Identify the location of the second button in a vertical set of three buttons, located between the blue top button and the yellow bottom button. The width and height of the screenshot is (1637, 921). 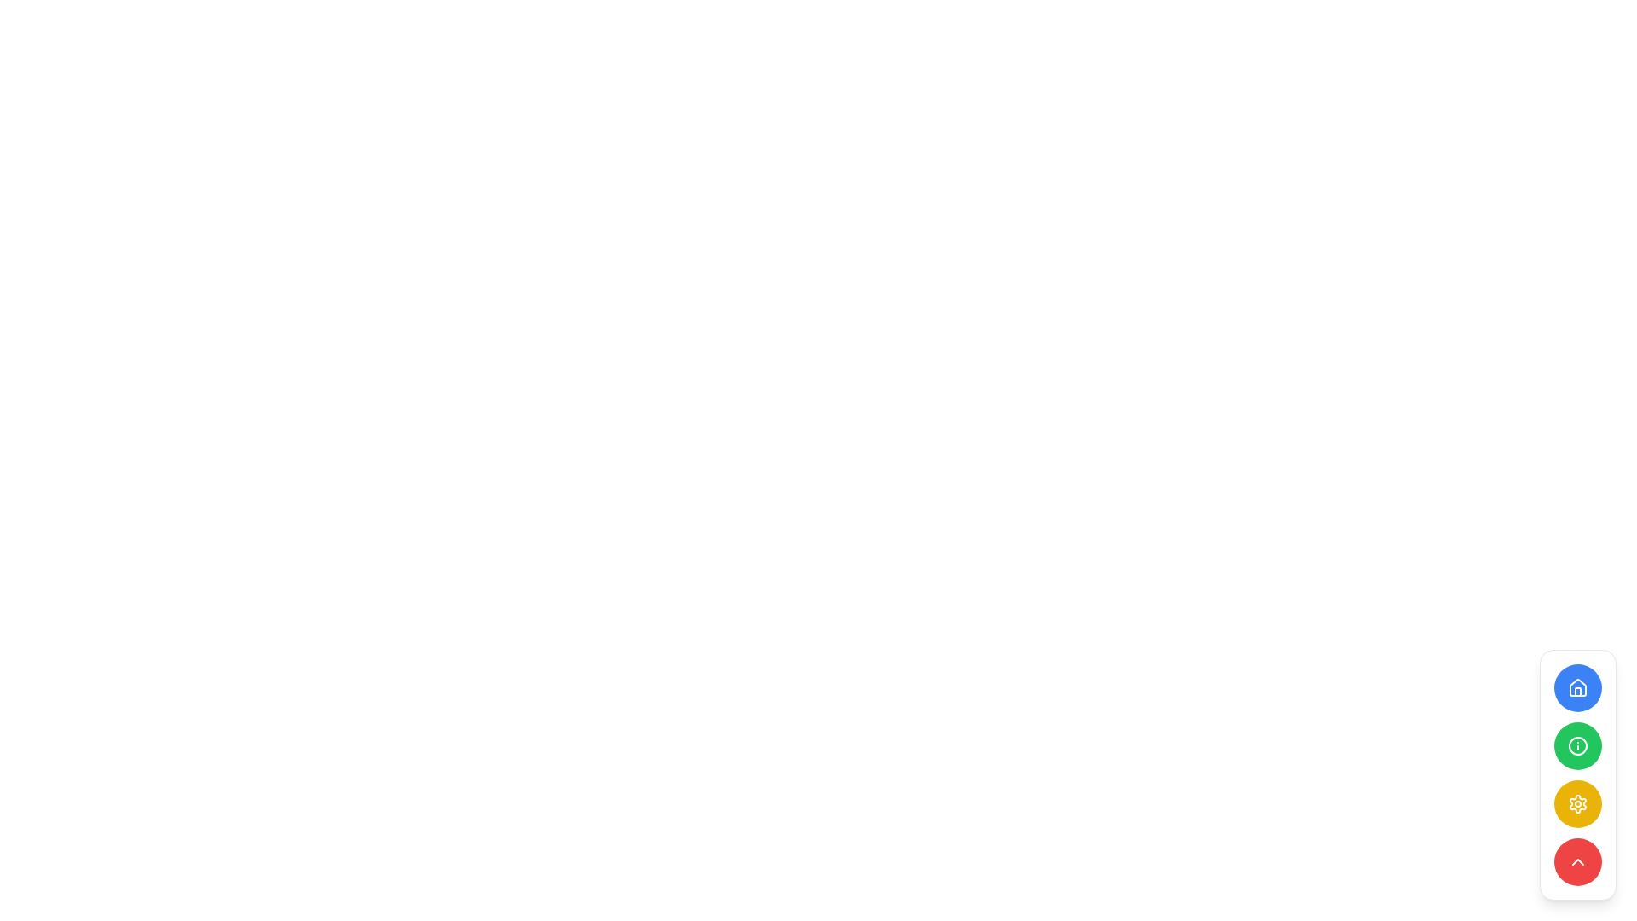
(1577, 745).